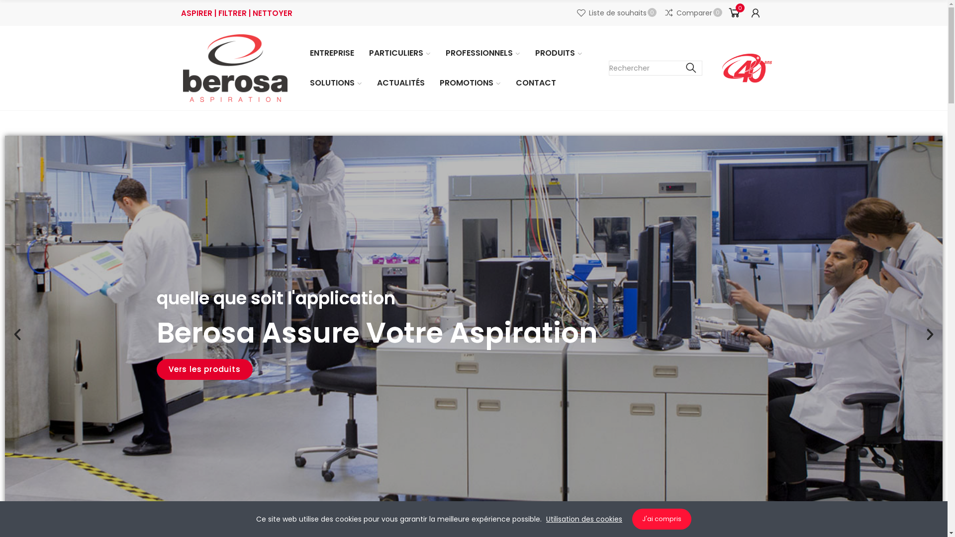 The image size is (955, 537). I want to click on 'Mon compte', so click(755, 13).